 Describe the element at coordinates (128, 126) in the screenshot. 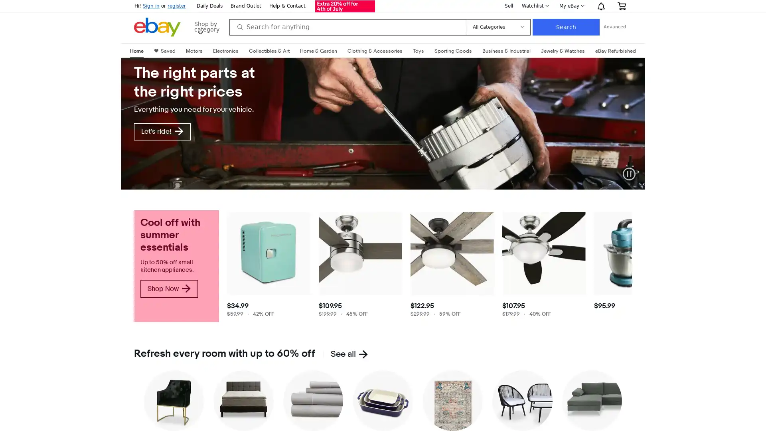

I see `Go to previous banner` at that location.